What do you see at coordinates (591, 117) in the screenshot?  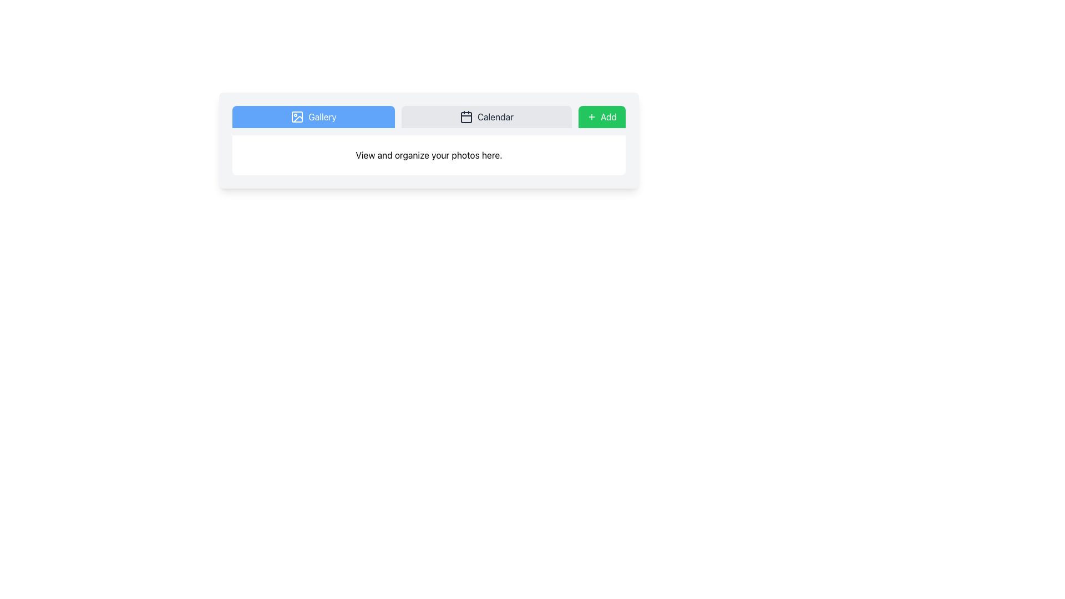 I see `the small green circular SVG icon with a white '+' symbol, which is located inside the green rectangular button labeled 'Add' on the rightmost side of the horizontal toolbar` at bounding box center [591, 117].